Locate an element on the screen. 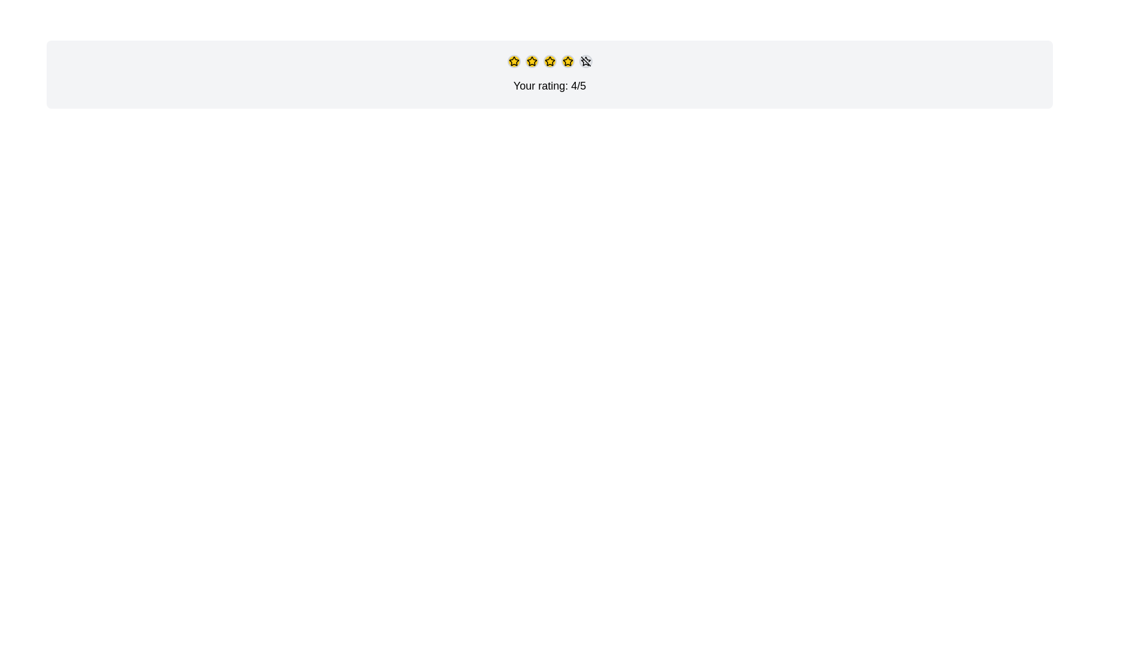 This screenshot has height=645, width=1148. the fourth star in the rating system is located at coordinates (549, 62).